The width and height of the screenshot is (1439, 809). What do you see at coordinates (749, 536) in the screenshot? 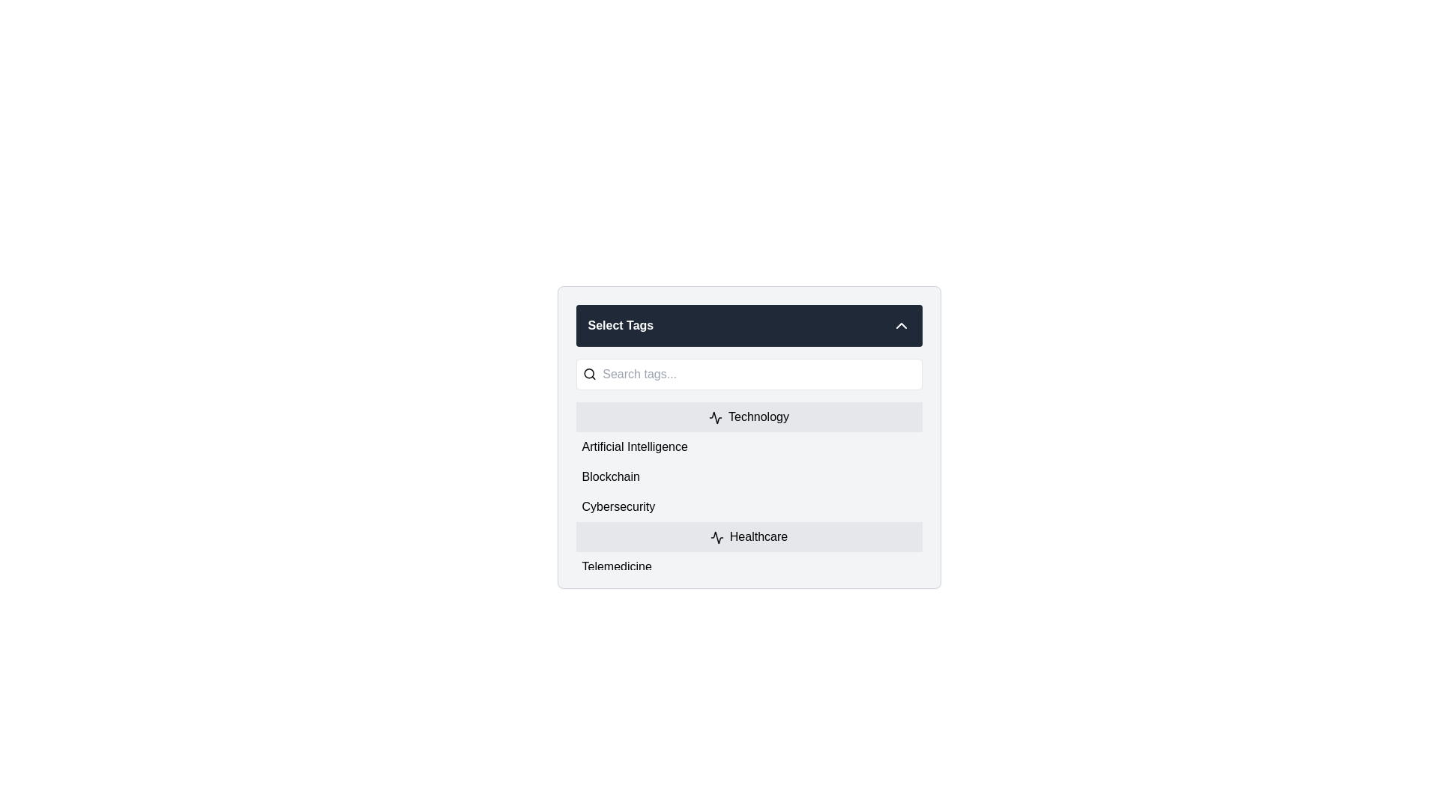
I see `the 'Healthcare' option in the dropdown menu under the 'Select Tags' section, which is the fourth option below 'Cybersecurity'` at bounding box center [749, 536].